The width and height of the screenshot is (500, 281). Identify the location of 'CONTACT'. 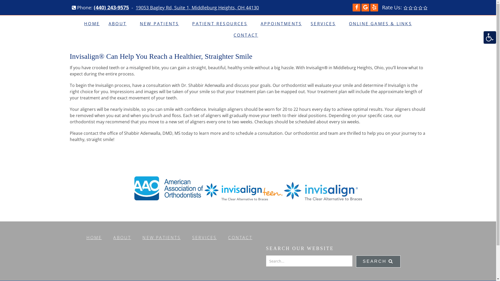
(240, 238).